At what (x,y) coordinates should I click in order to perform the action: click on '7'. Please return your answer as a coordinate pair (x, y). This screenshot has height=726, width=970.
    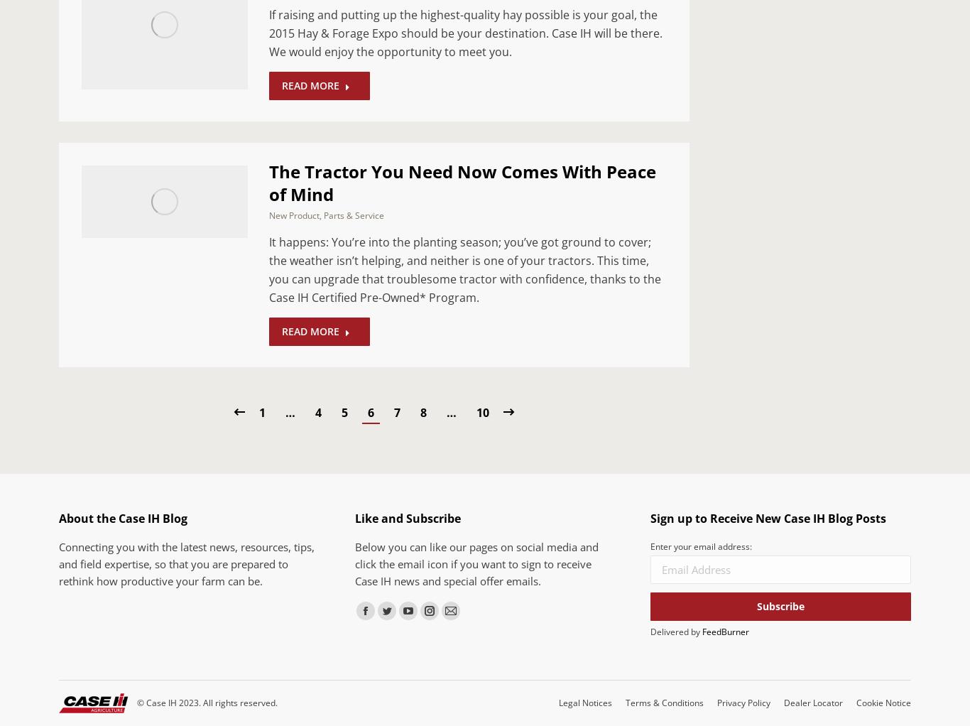
    Looking at the image, I should click on (396, 411).